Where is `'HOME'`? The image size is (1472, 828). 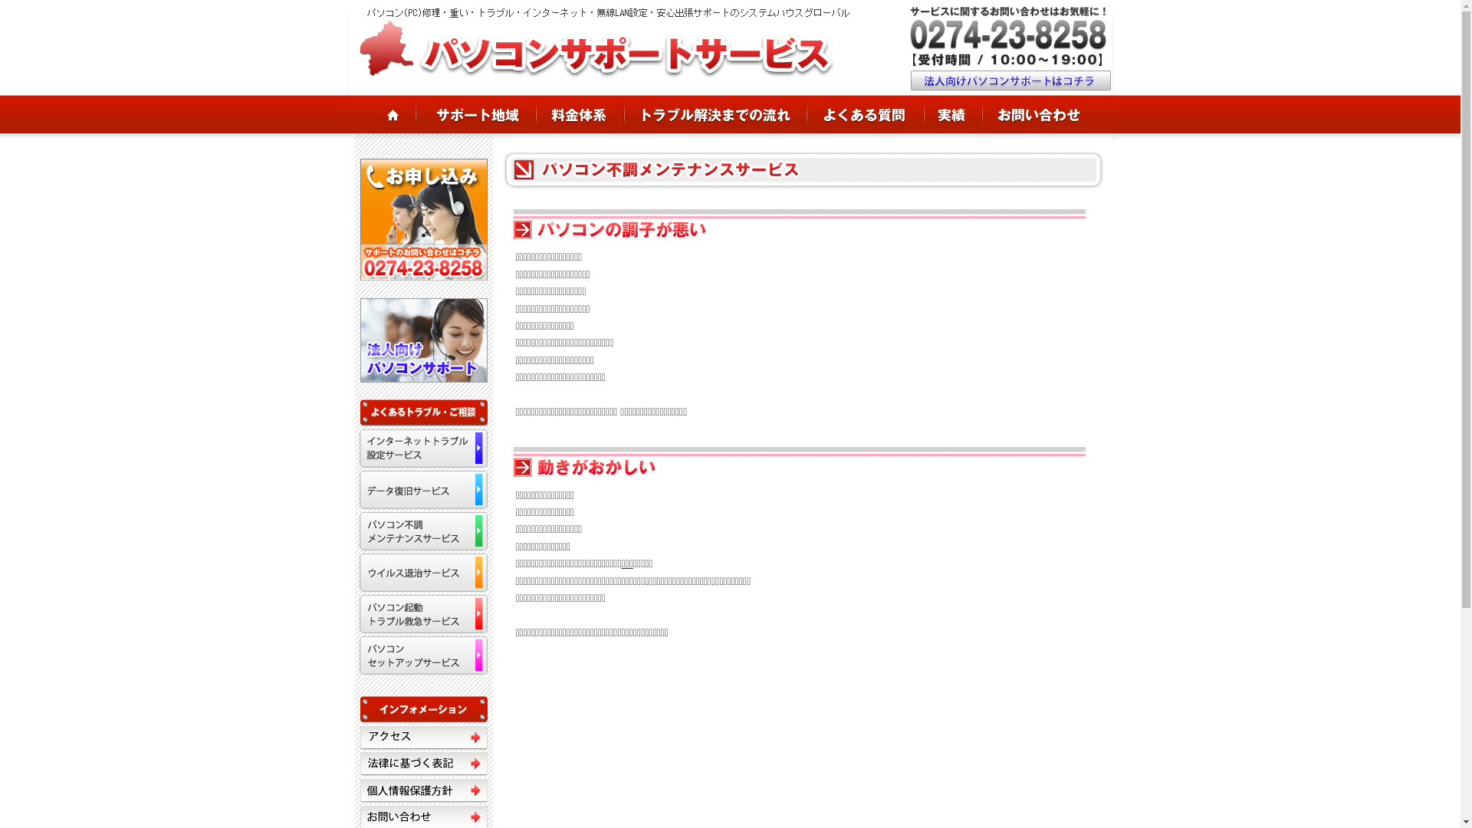
'HOME' is located at coordinates (380, 113).